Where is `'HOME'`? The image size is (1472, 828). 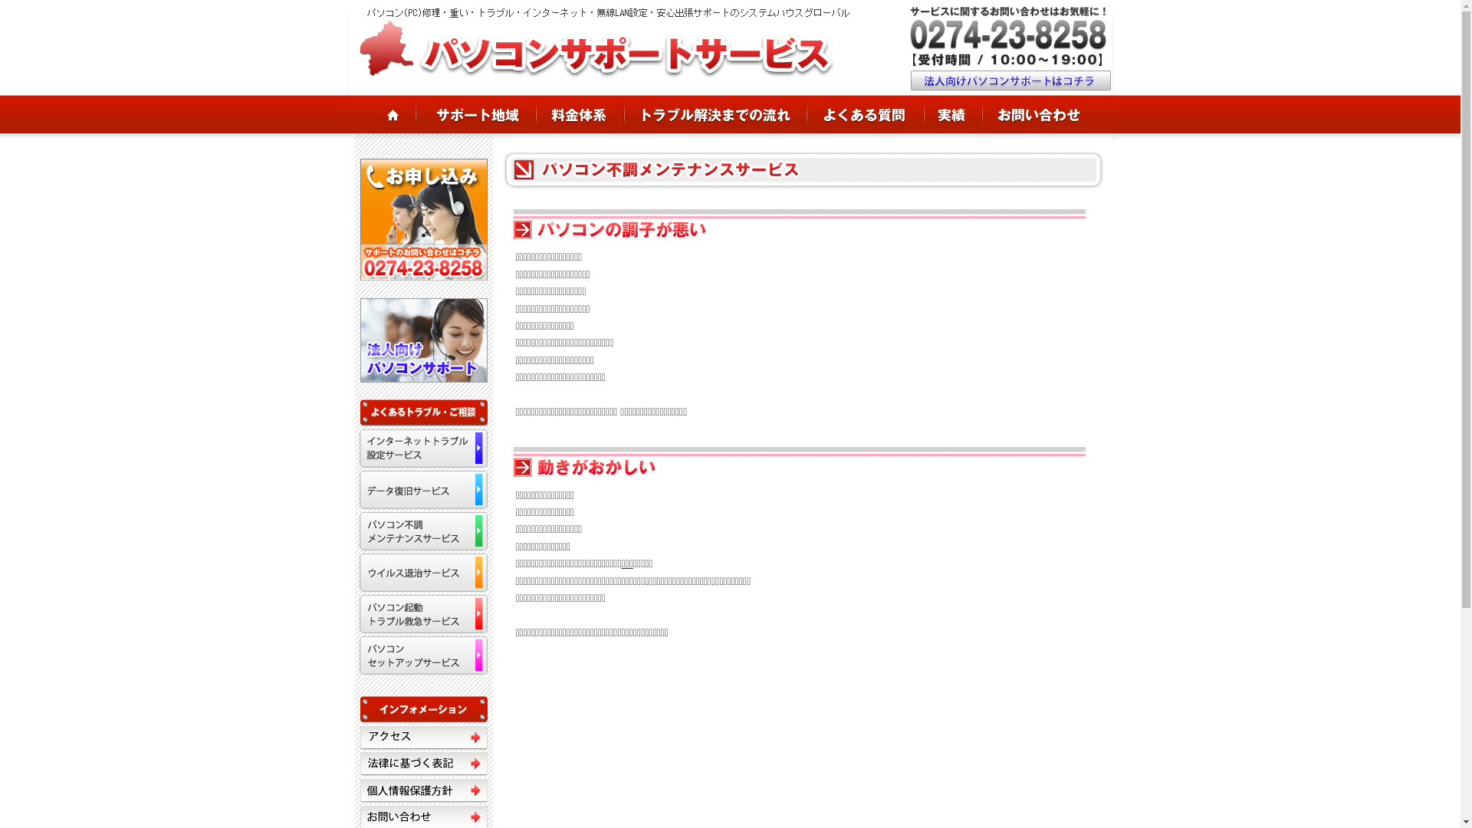
'HOME' is located at coordinates (380, 113).